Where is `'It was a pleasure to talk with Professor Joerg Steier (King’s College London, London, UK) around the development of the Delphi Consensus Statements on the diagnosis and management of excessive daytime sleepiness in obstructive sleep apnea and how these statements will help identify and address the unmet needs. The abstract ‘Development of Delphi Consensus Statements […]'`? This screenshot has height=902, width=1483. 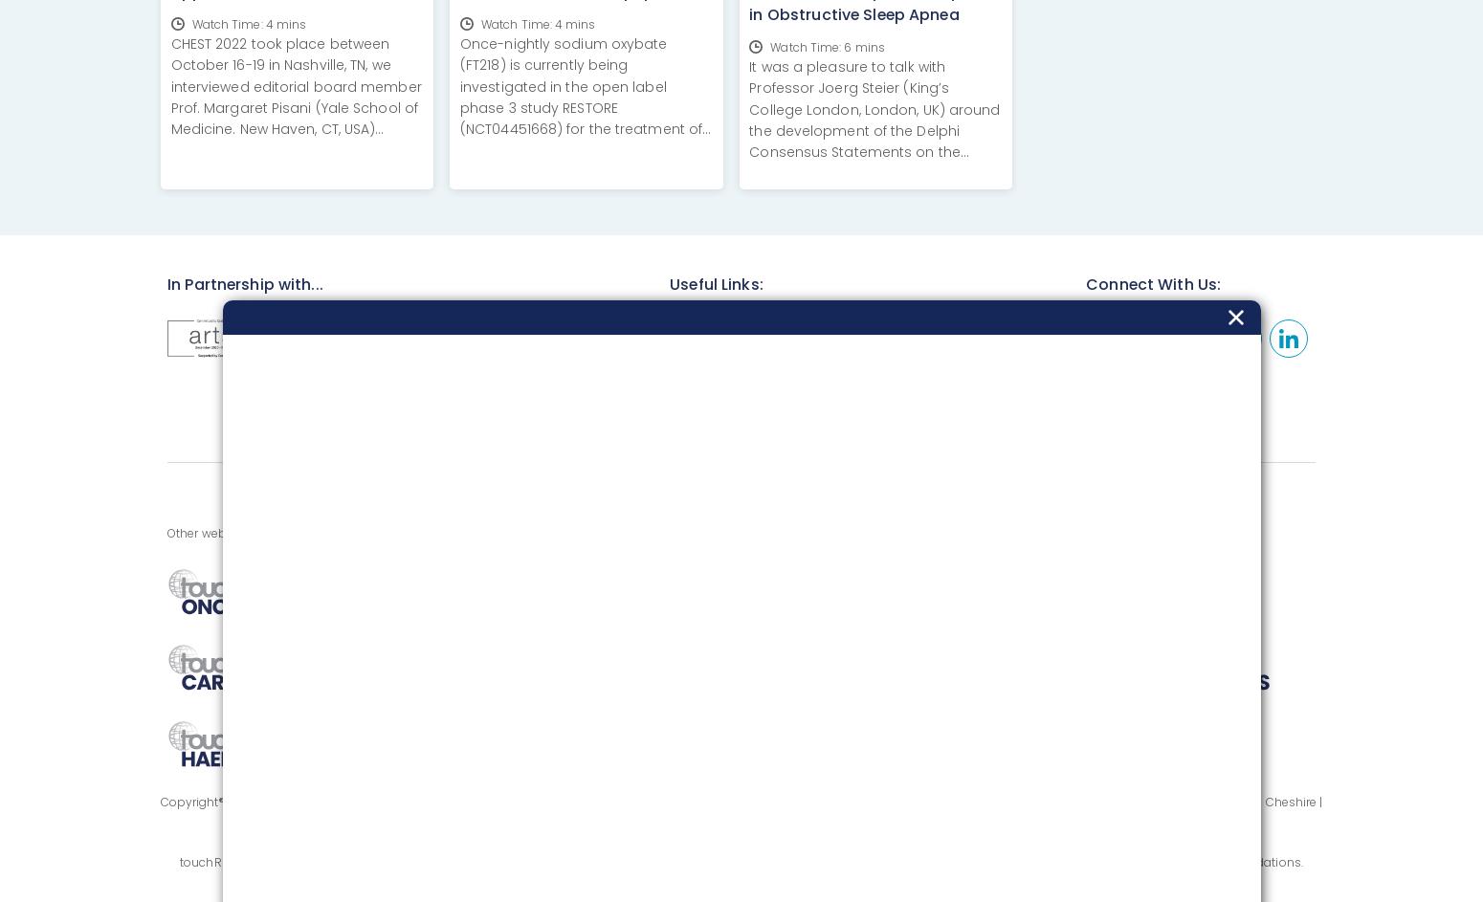
'It was a pleasure to talk with Professor Joerg Steier (King’s College London, London, UK) around the development of the Delphi Consensus Statements on the diagnosis and management of excessive daytime sleepiness in obstructive sleep apnea and how these statements will help identify and address the unmet needs. The abstract ‘Development of Delphi Consensus Statements […]' is located at coordinates (874, 183).